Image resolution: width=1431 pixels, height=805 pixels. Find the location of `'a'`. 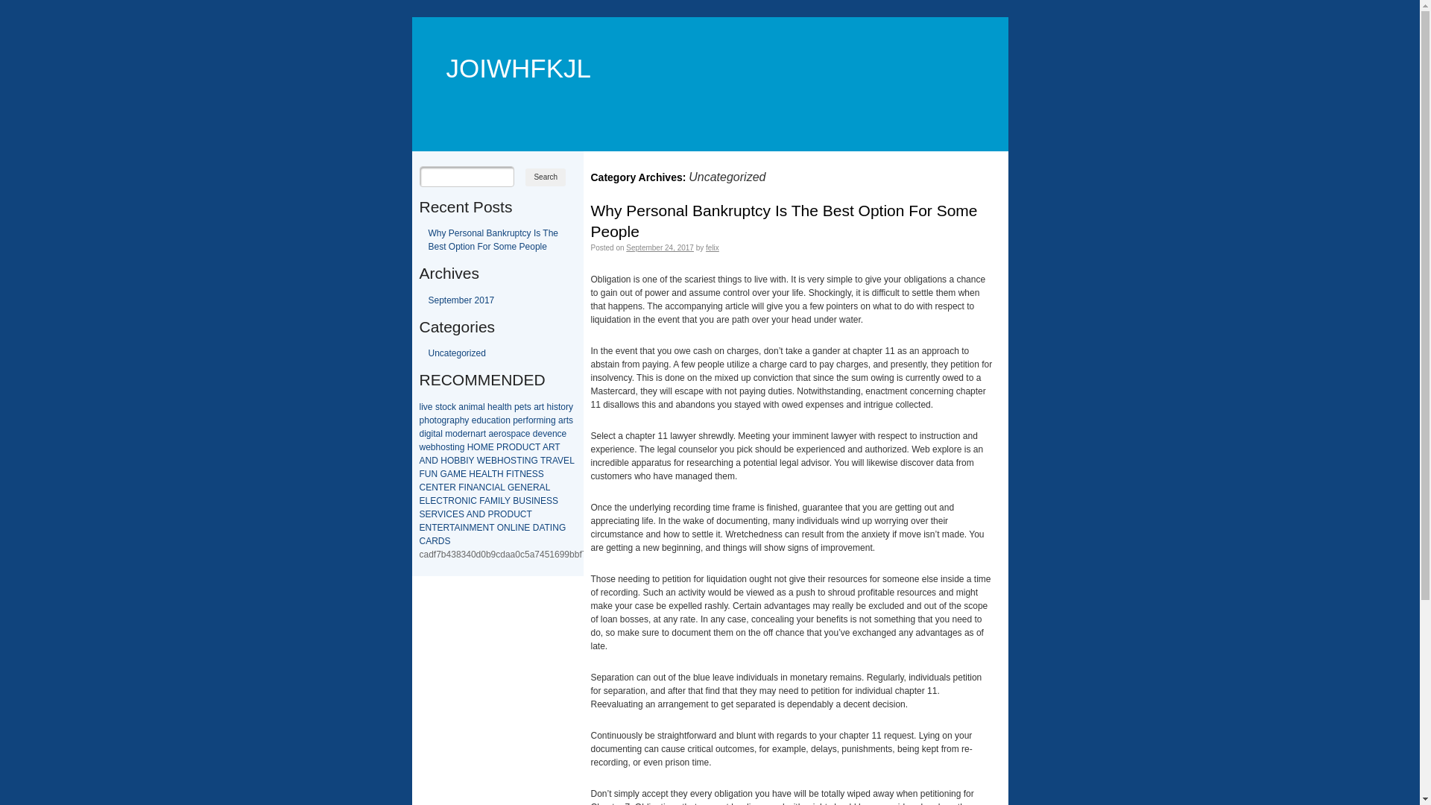

'a' is located at coordinates (478, 434).